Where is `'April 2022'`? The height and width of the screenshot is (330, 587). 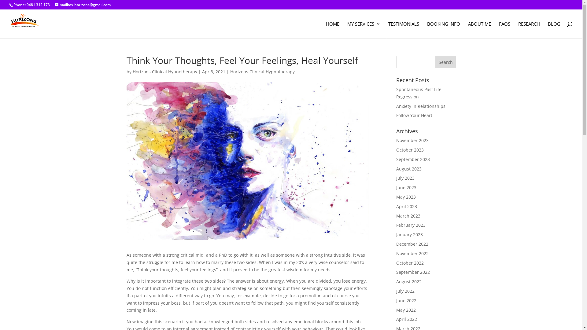
'April 2022' is located at coordinates (406, 319).